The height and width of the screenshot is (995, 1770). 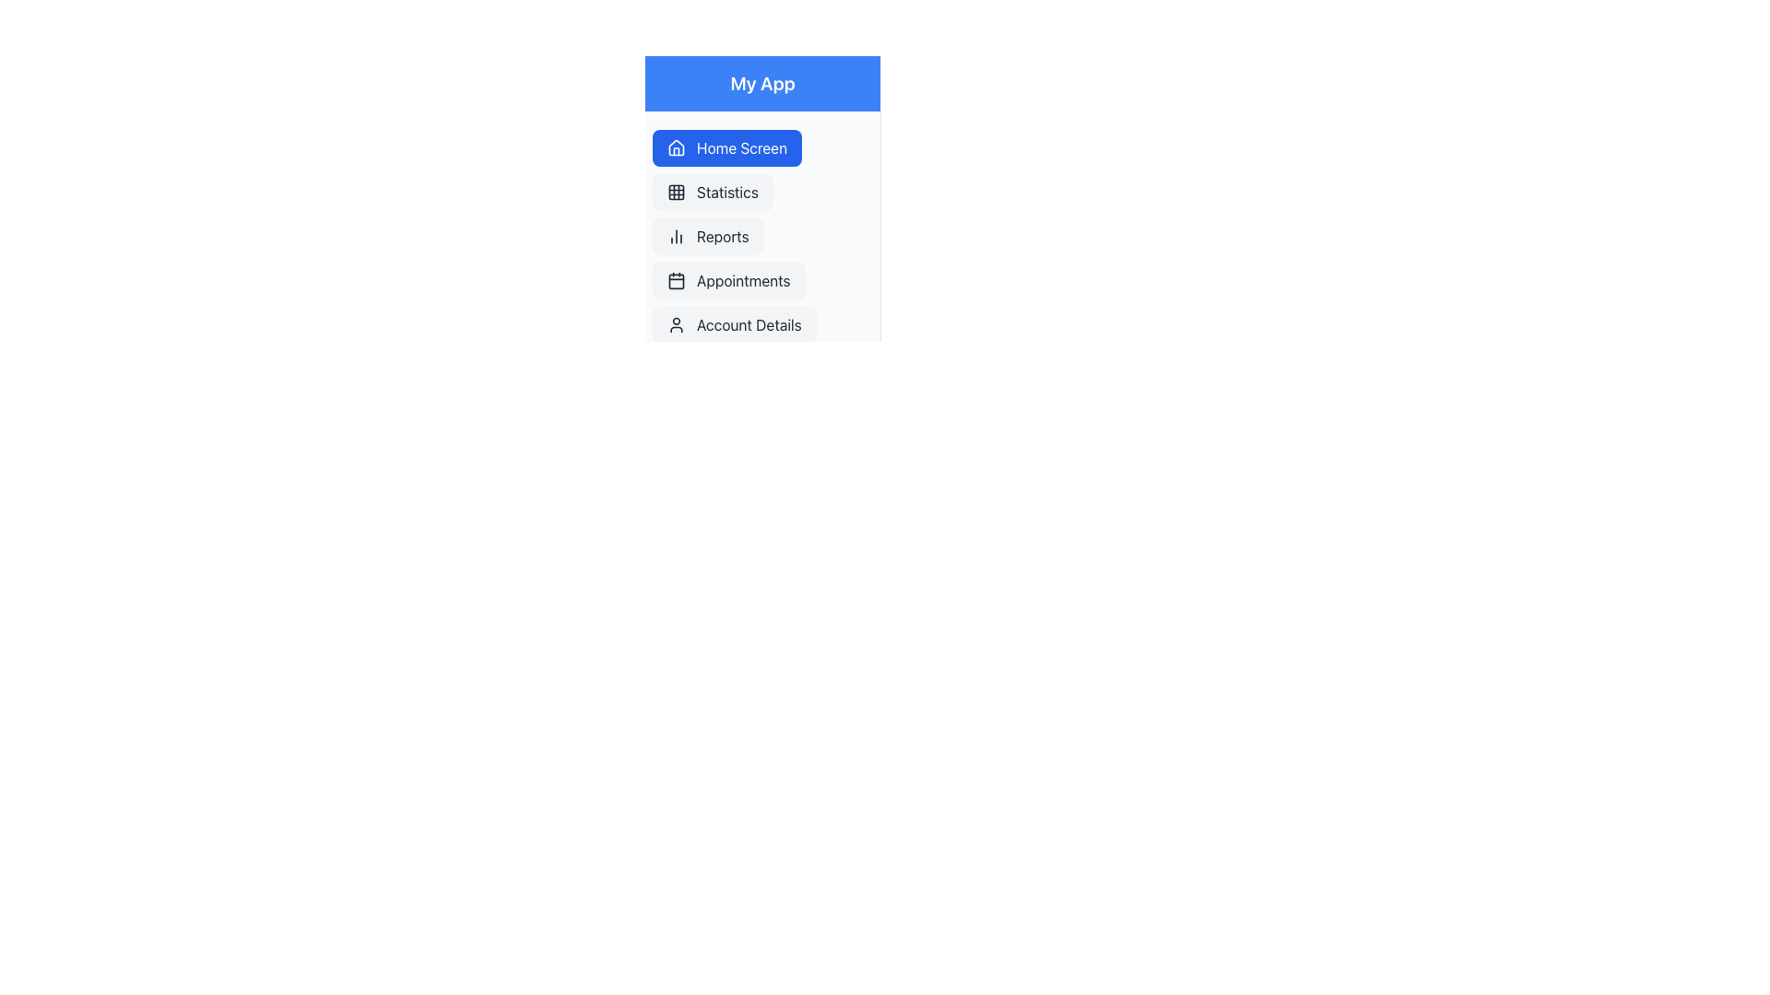 What do you see at coordinates (676, 324) in the screenshot?
I see `the user figure icon located in the sidebar menu next to the 'Account Details' text label` at bounding box center [676, 324].